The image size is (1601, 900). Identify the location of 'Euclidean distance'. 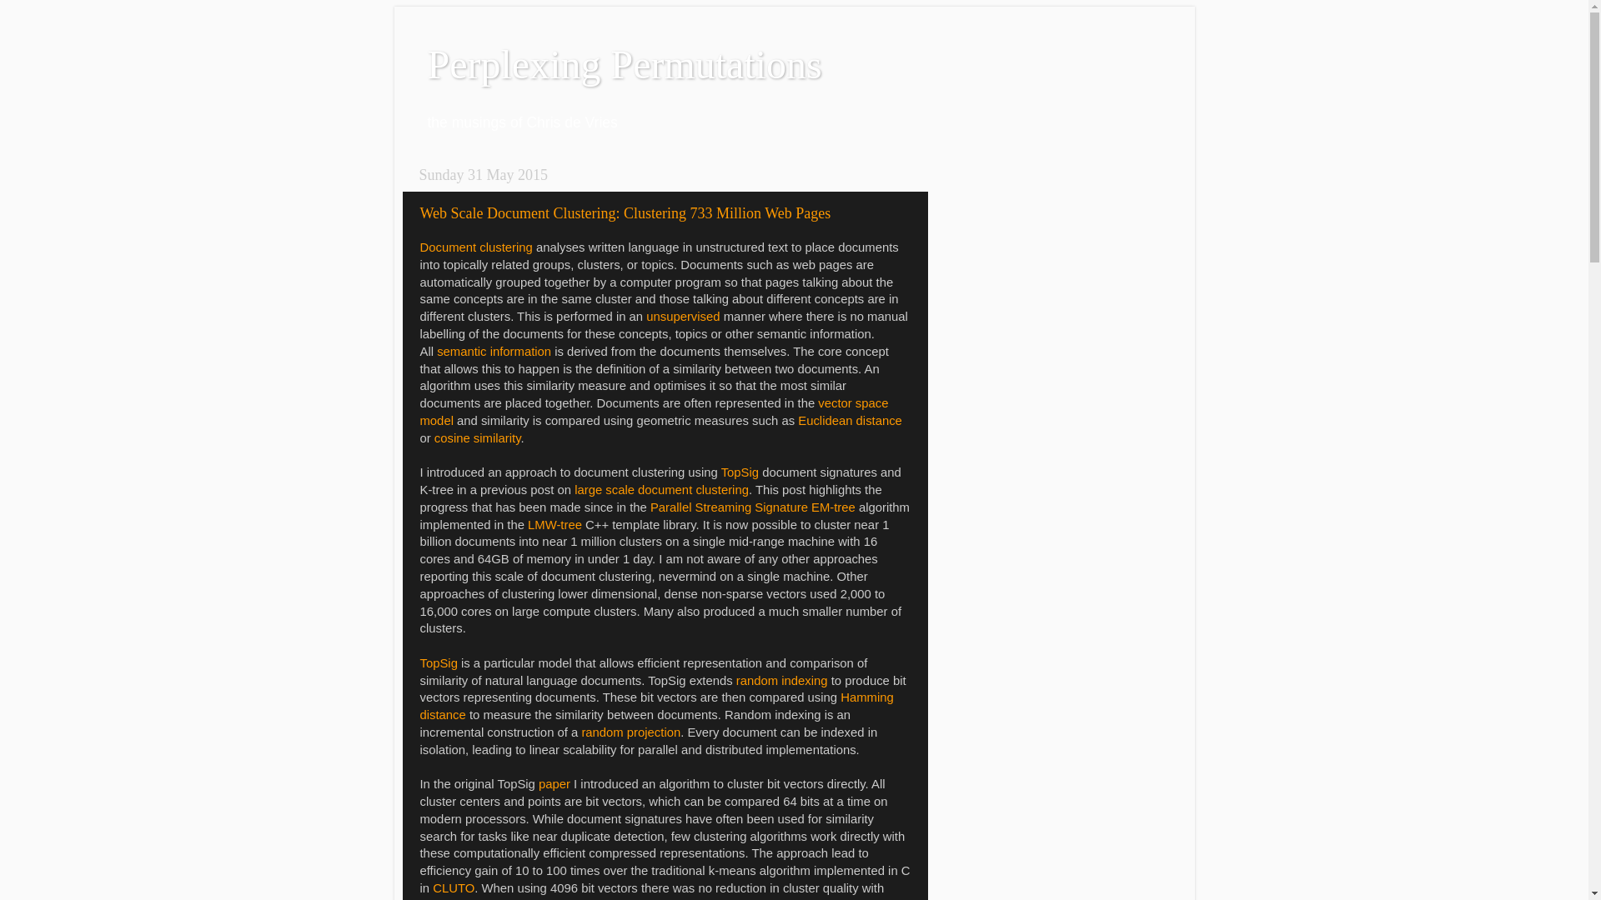
(850, 420).